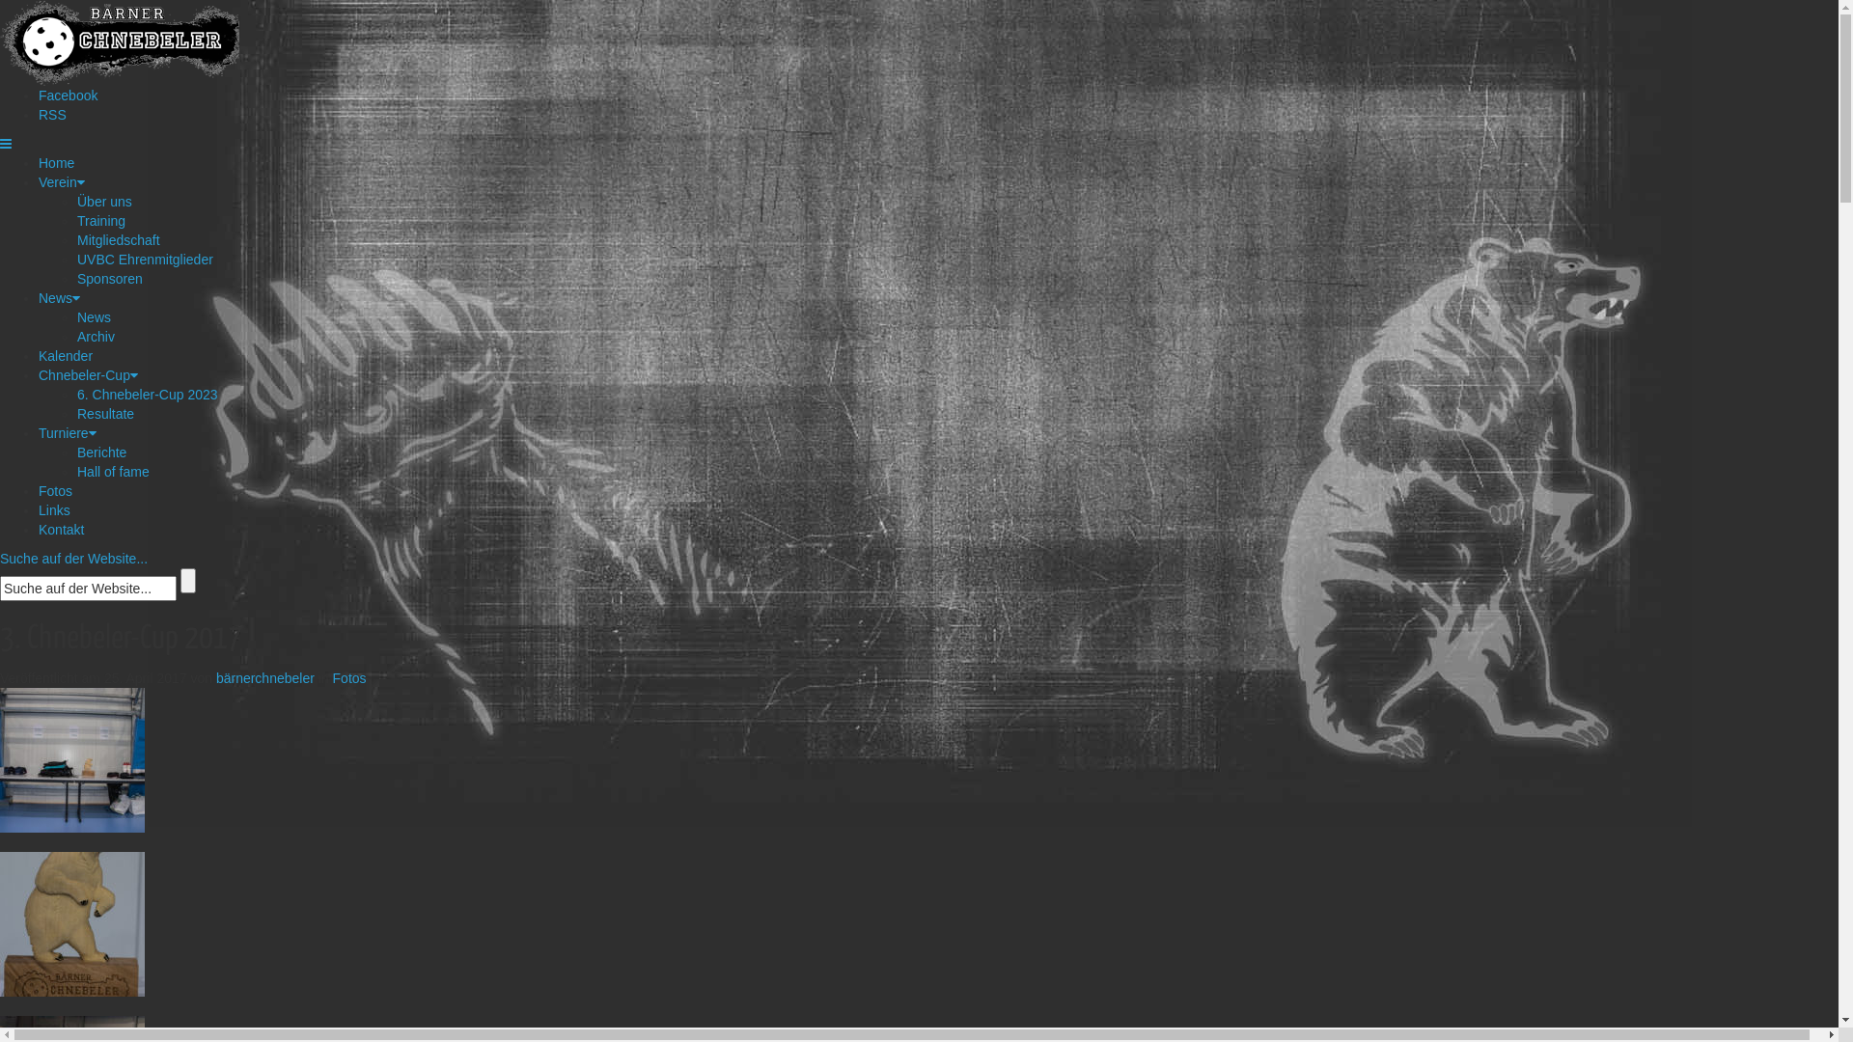 This screenshot has height=1042, width=1853. What do you see at coordinates (147, 393) in the screenshot?
I see `'6. Chnebeler-Cup 2023'` at bounding box center [147, 393].